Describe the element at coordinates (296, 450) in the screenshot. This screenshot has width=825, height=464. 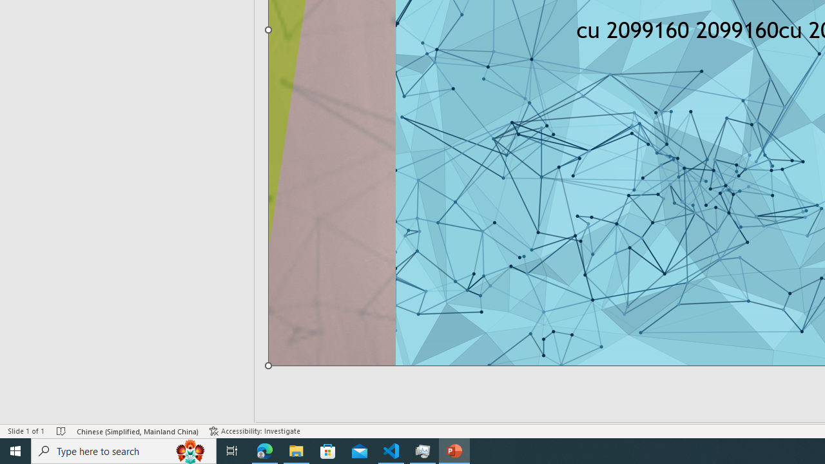
I see `'File Explorer - 1 running window'` at that location.